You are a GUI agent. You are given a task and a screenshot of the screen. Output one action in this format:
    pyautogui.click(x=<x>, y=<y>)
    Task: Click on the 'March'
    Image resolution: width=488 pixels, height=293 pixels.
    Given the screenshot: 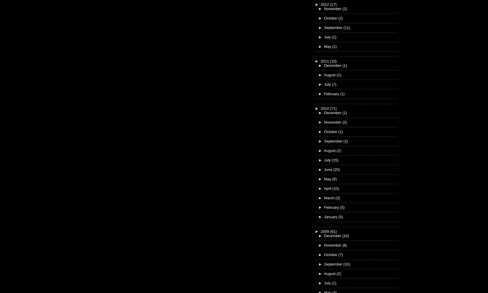 What is the action you would take?
    pyautogui.click(x=330, y=197)
    